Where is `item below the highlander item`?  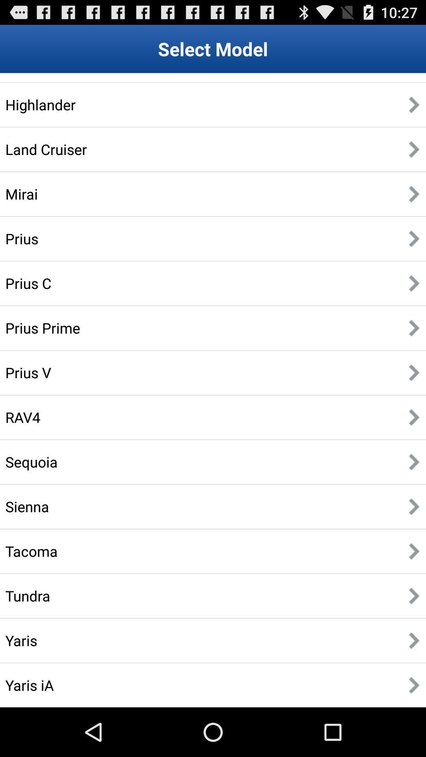
item below the highlander item is located at coordinates (46, 149).